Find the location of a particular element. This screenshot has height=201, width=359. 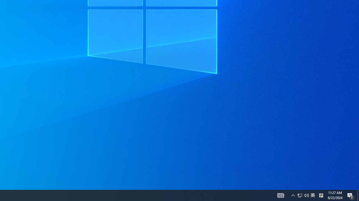

'Action Center, 2 new notifications' is located at coordinates (351, 195).